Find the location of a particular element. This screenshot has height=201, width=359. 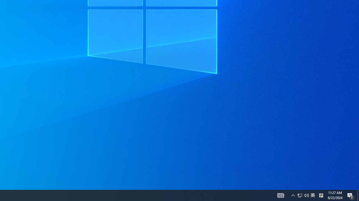

'Action Center, 2 new notifications' is located at coordinates (351, 195).